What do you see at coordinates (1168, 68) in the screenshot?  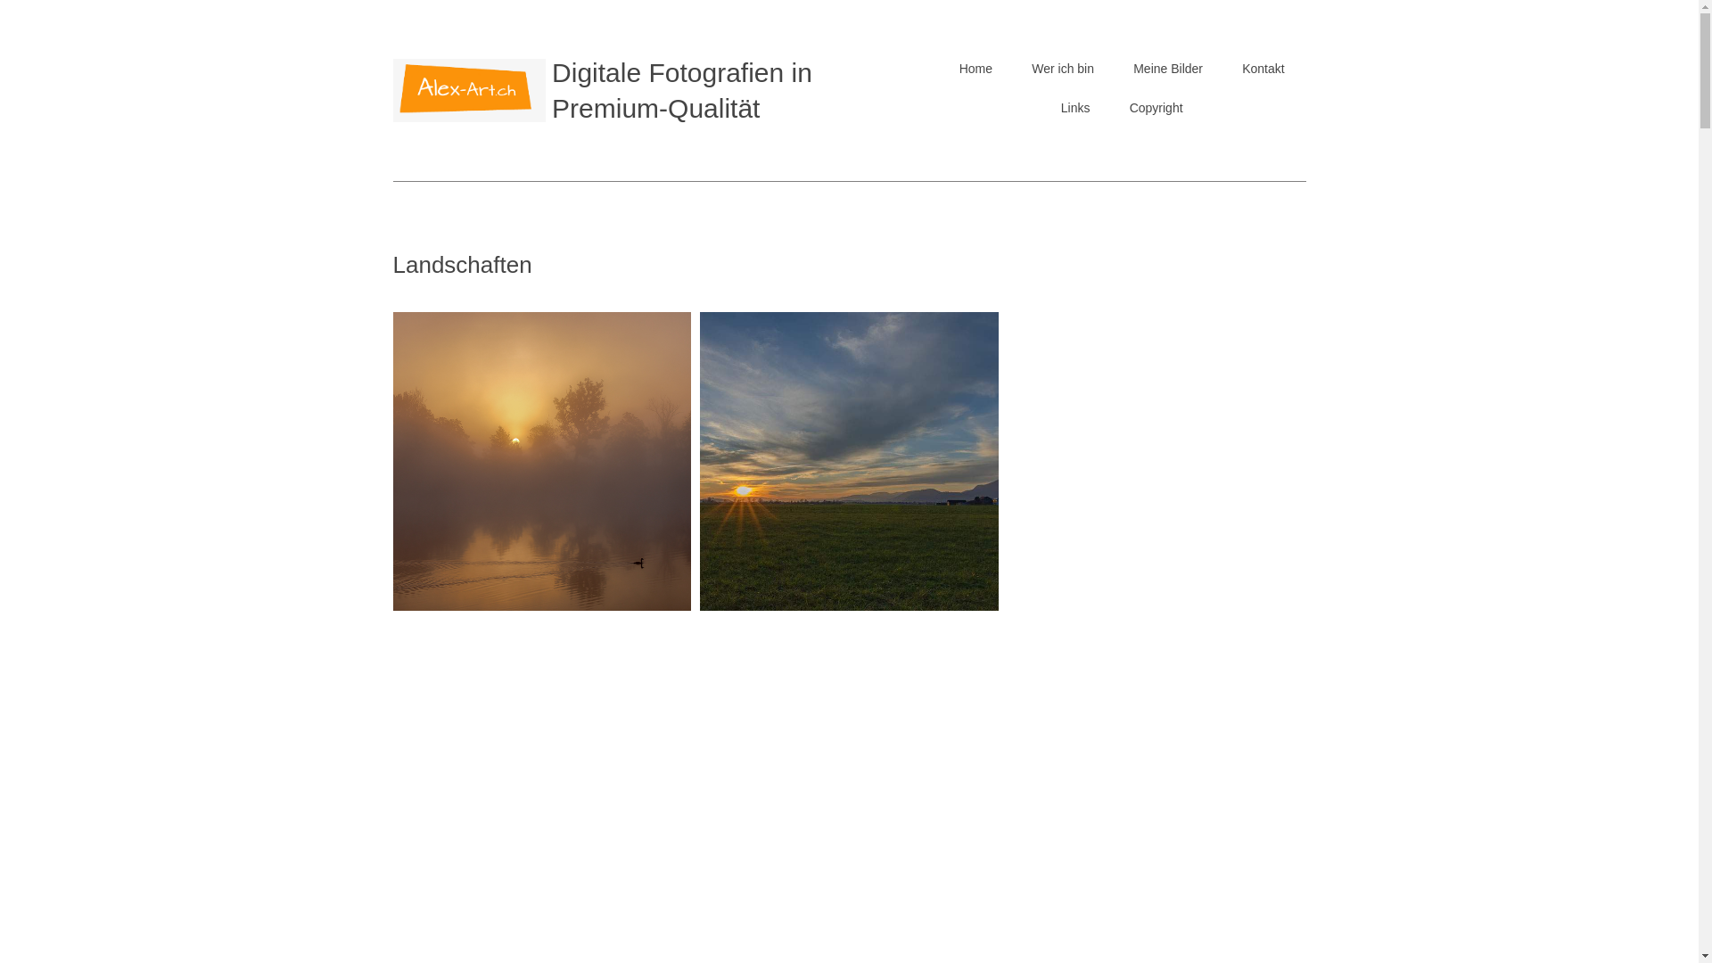 I see `'Meine Bilder'` at bounding box center [1168, 68].